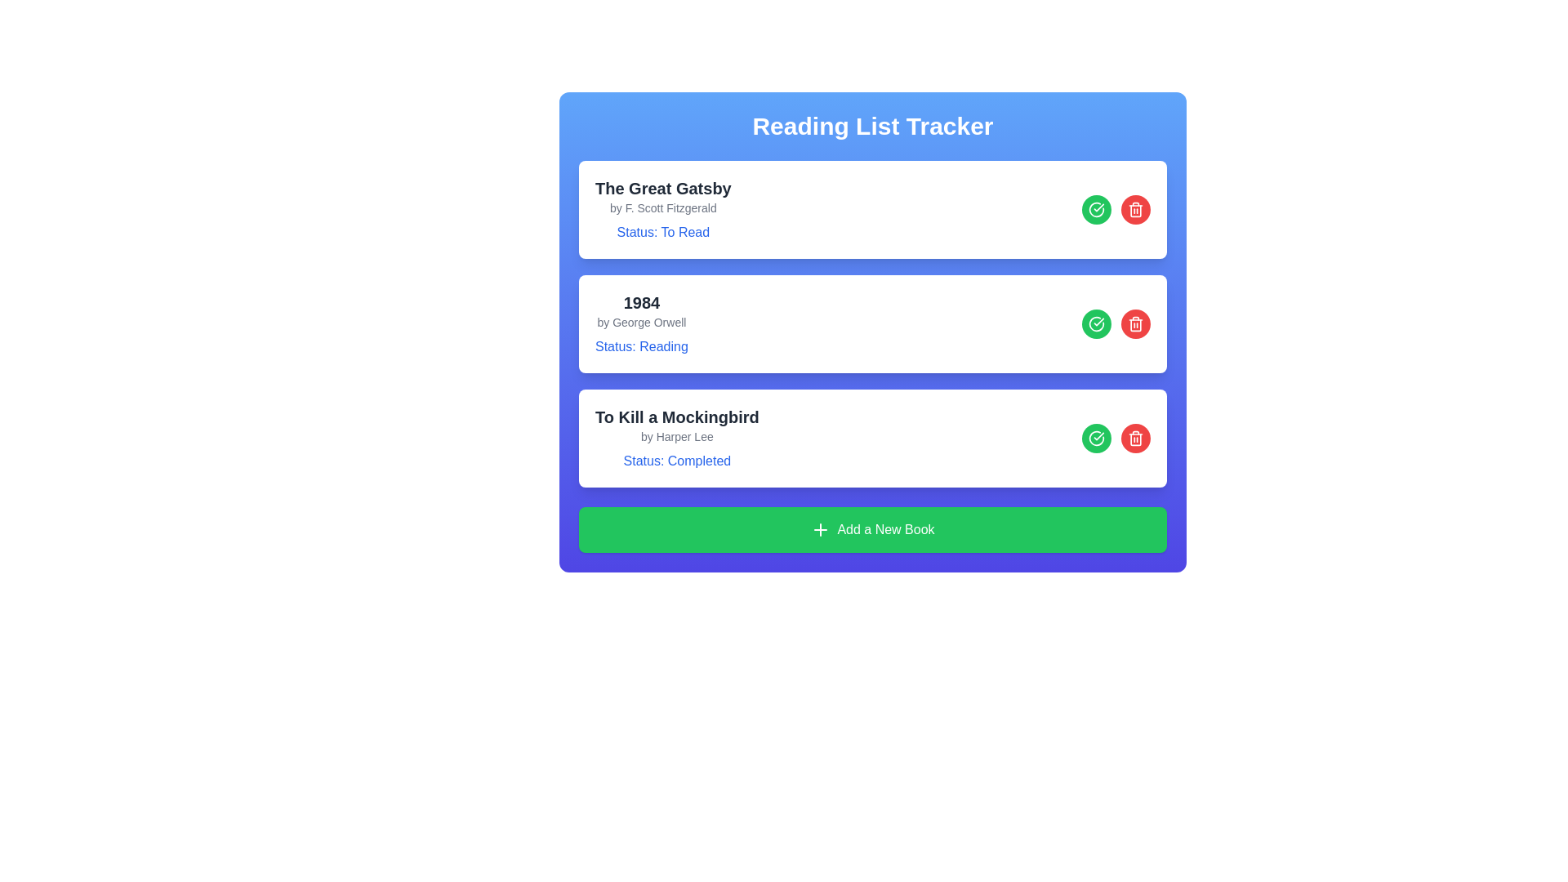 Image resolution: width=1568 pixels, height=882 pixels. Describe the element at coordinates (663, 207) in the screenshot. I see `the non-interactive text element that indicates the author 'F. Scott Fitzgerald', located below the title 'The Great Gatsby' in the reading list` at that location.